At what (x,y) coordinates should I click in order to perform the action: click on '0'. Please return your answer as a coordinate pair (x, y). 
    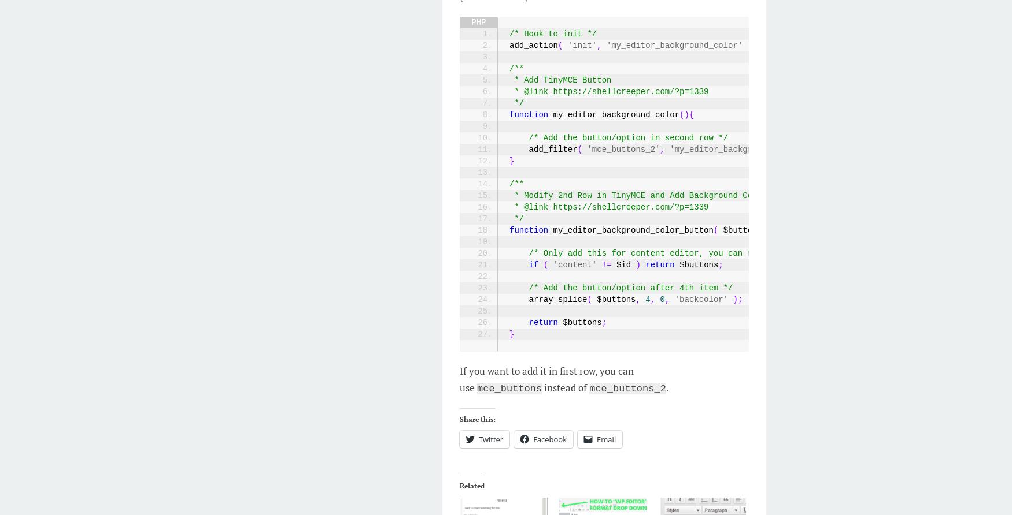
    Looking at the image, I should click on (662, 299).